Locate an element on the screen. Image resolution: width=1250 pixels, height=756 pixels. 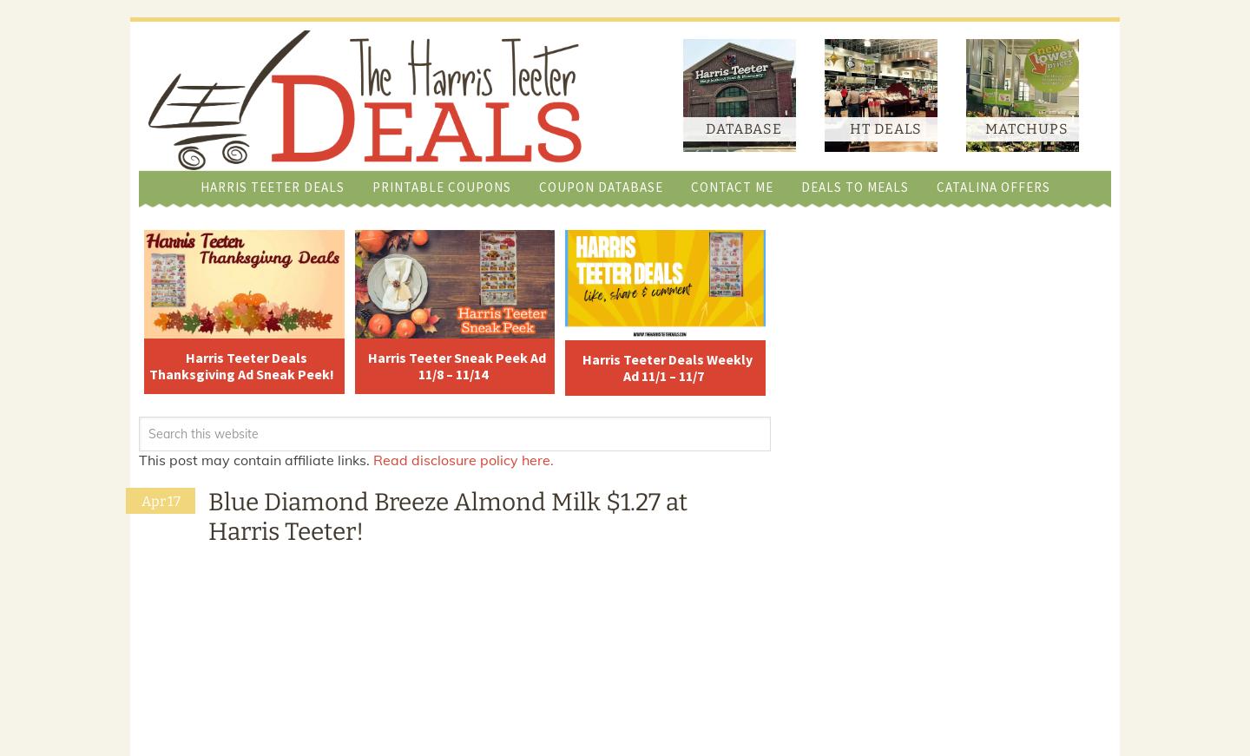
'This post may contain affiliate links.' is located at coordinates (137, 460).